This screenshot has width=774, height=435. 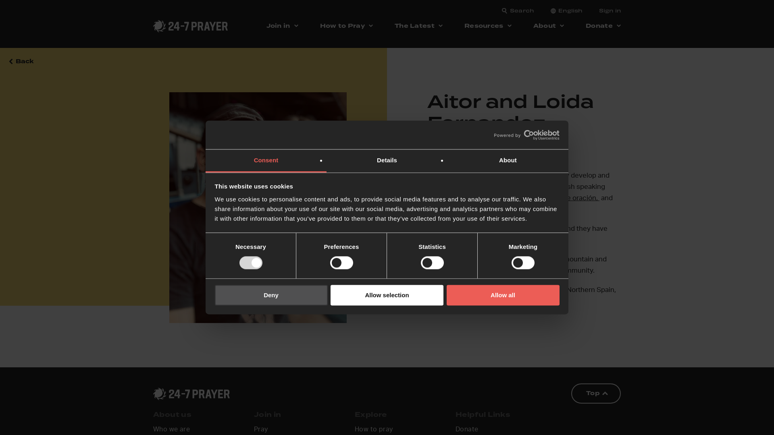 What do you see at coordinates (483, 415) in the screenshot?
I see `'Helpful Links'` at bounding box center [483, 415].